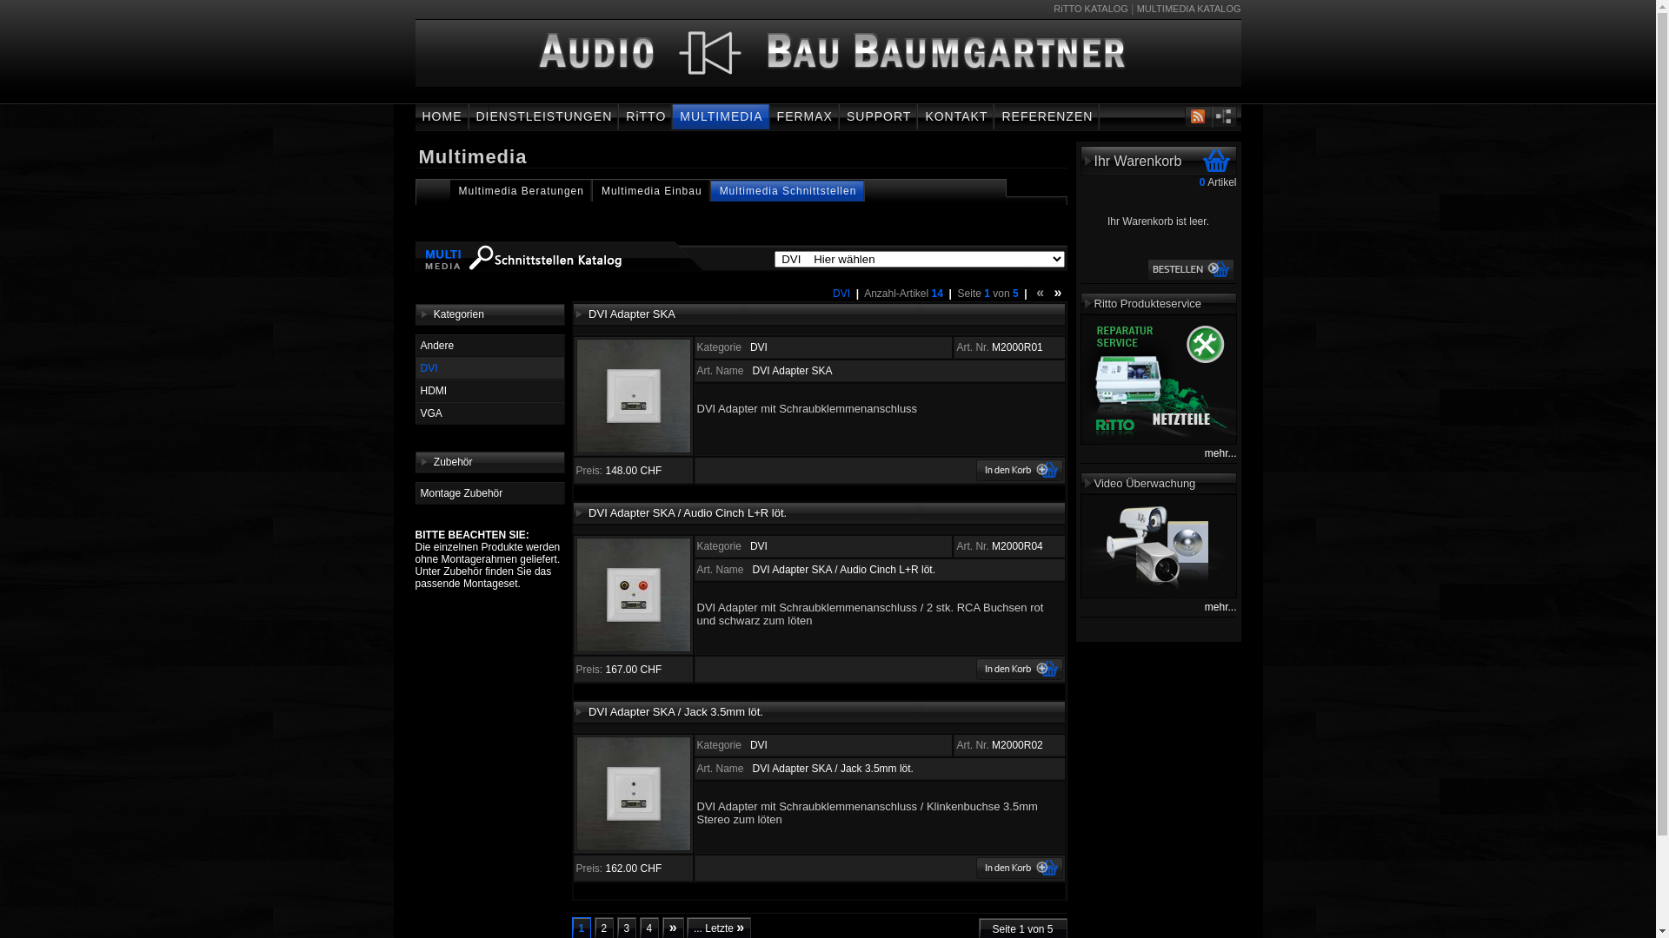 The width and height of the screenshot is (1669, 938). Describe the element at coordinates (442, 116) in the screenshot. I see `'HOME'` at that location.